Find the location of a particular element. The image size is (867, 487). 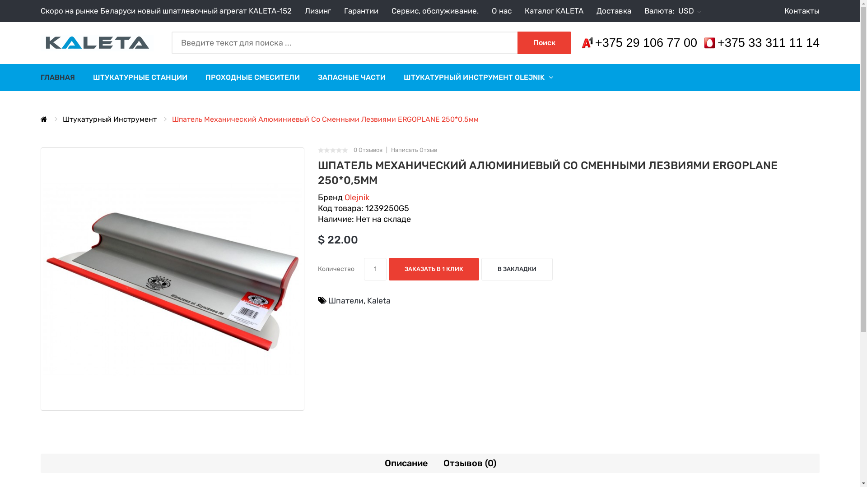

'Olejnik' is located at coordinates (356, 197).